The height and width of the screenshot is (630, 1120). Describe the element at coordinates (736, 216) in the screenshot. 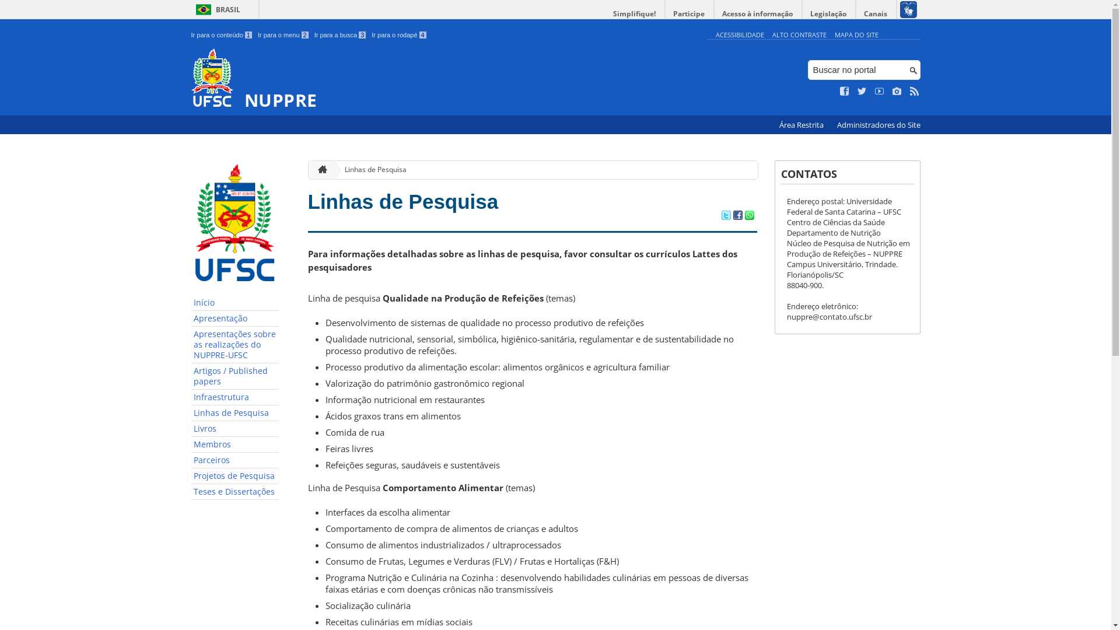

I see `'Compartilhar no Facebook'` at that location.